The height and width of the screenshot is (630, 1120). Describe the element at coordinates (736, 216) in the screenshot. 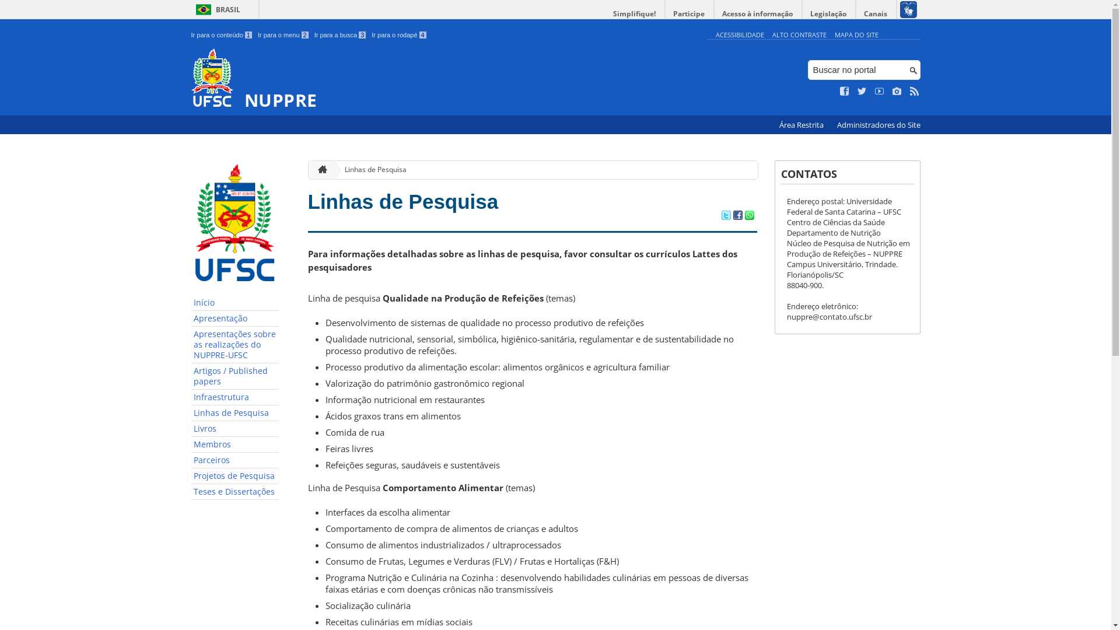

I see `'Compartilhar no Facebook'` at that location.